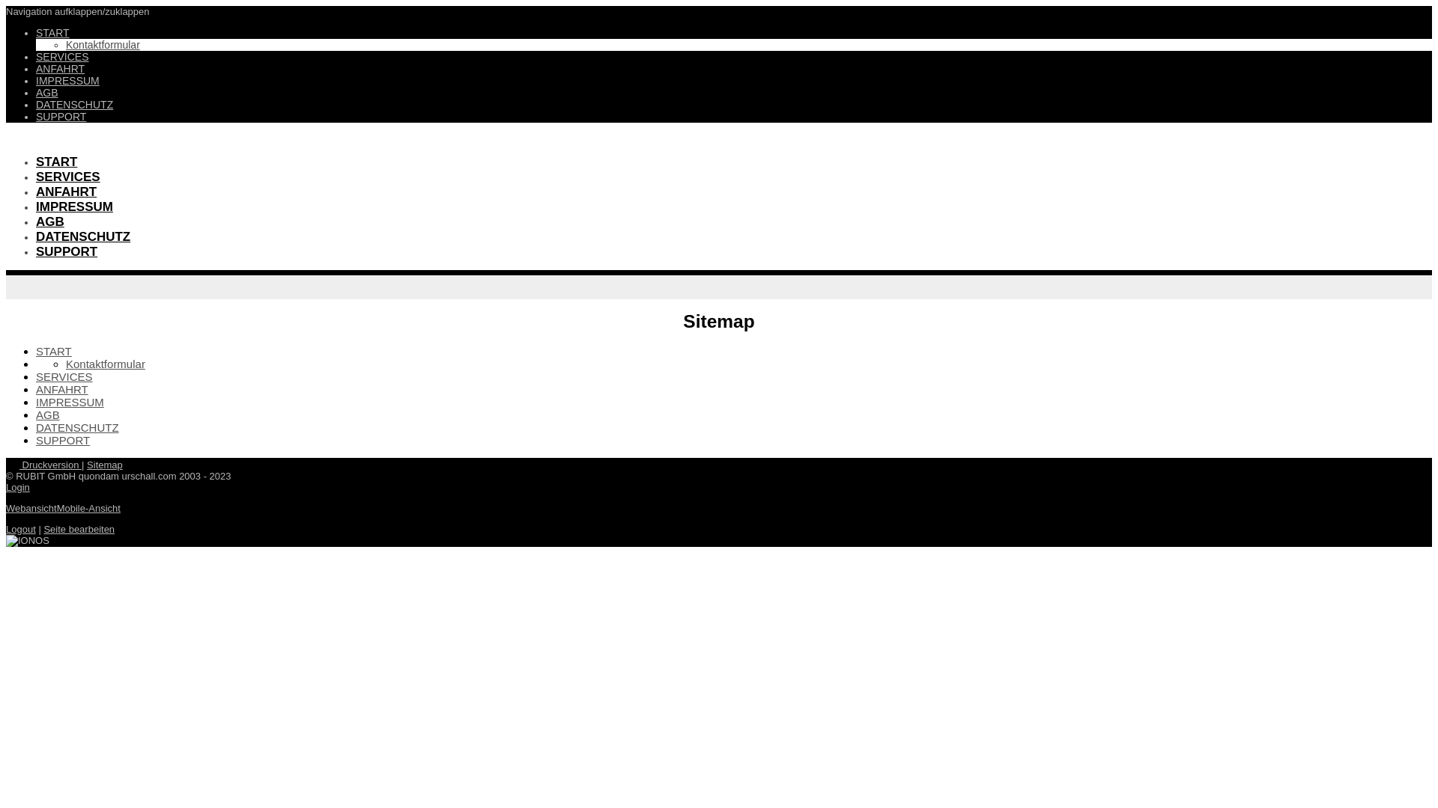 Image resolution: width=1438 pixels, height=808 pixels. Describe the element at coordinates (73, 206) in the screenshot. I see `'IMPRESSUM'` at that location.